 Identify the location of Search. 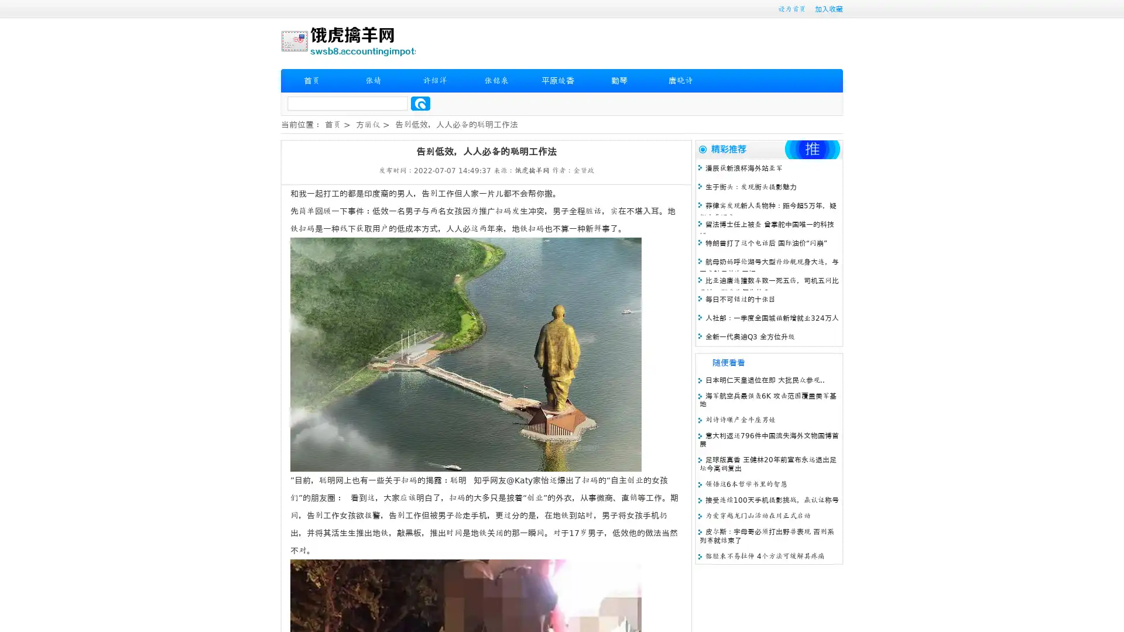
(420, 103).